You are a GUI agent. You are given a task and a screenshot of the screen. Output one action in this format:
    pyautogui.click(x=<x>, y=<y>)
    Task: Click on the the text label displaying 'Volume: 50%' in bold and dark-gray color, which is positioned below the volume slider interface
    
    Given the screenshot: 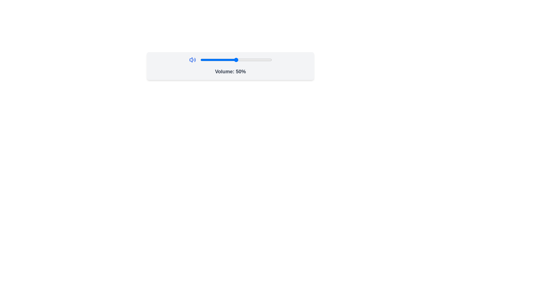 What is the action you would take?
    pyautogui.click(x=230, y=71)
    